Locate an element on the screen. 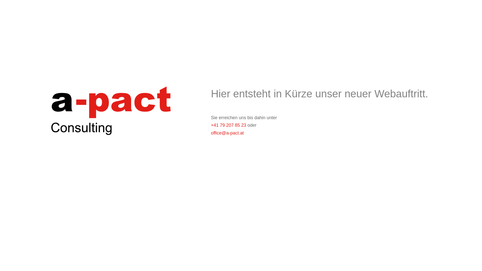  '+41 79 207 85 23' is located at coordinates (228, 125).